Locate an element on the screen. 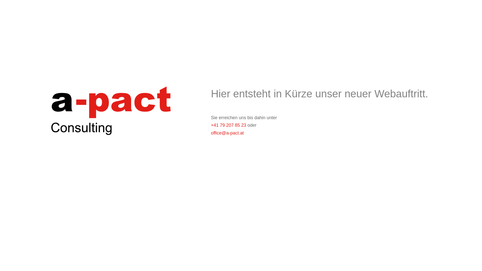  '+41 79 207 85 23' is located at coordinates (228, 125).